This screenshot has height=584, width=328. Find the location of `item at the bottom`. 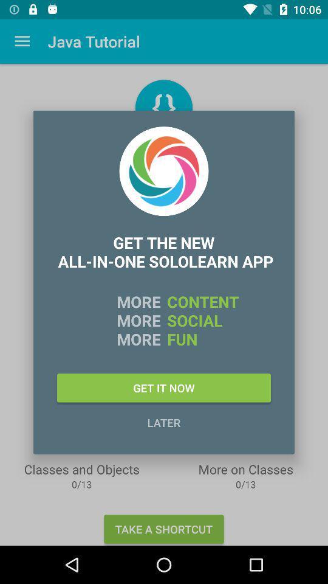

item at the bottom is located at coordinates (164, 422).